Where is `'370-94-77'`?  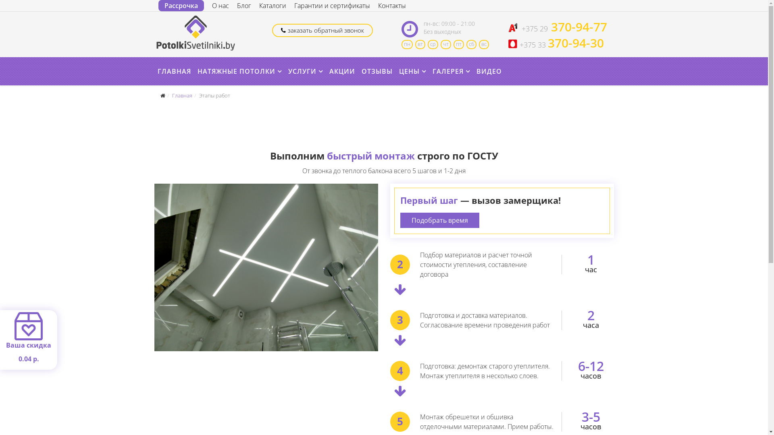 '370-94-77' is located at coordinates (547, 28).